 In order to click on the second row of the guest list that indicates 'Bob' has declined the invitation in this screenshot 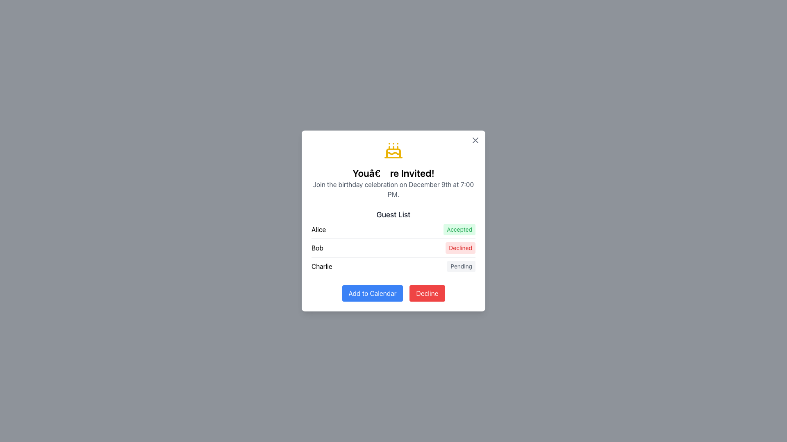, I will do `click(393, 247)`.